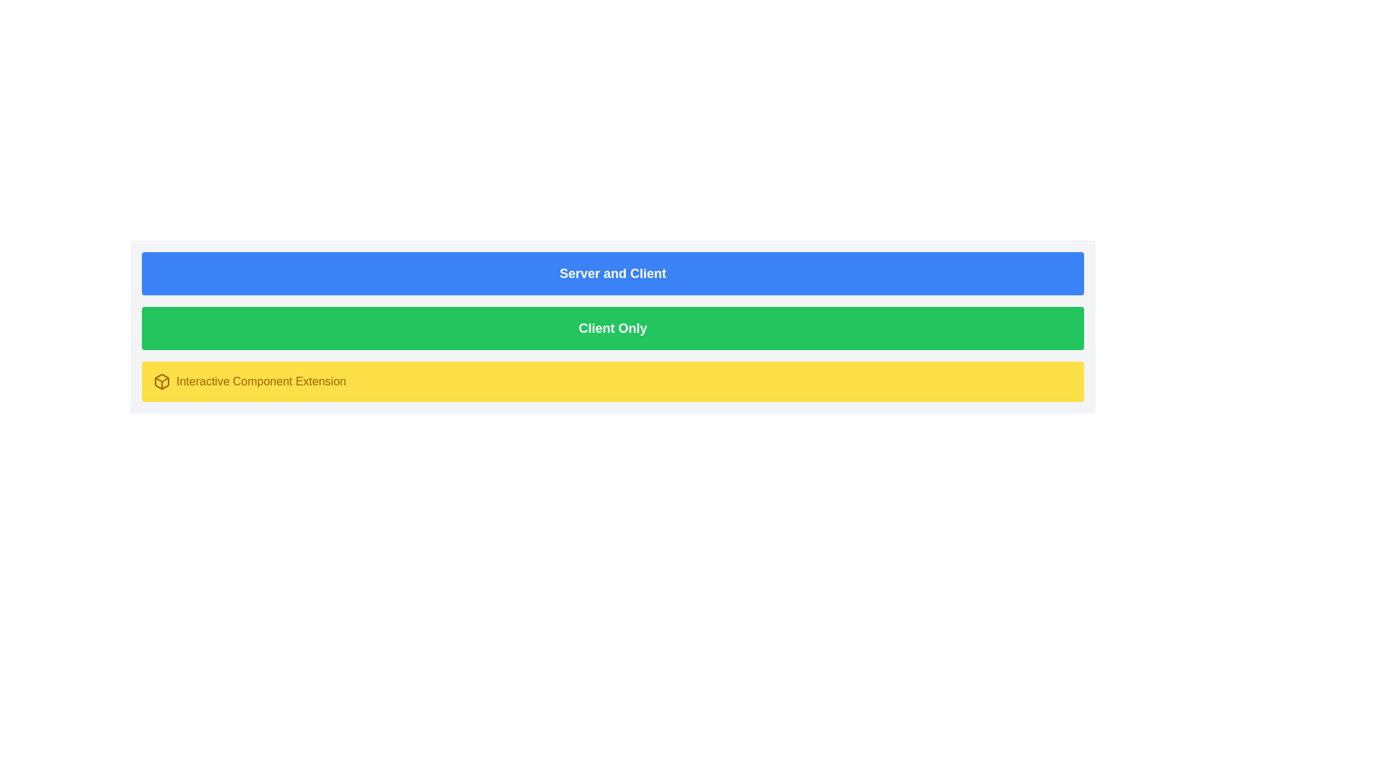  I want to click on the static text label that provides information about a client-specific feature, located below the 'Server and Client' section and above the 'Interactive Component Extension' section, so click(612, 328).